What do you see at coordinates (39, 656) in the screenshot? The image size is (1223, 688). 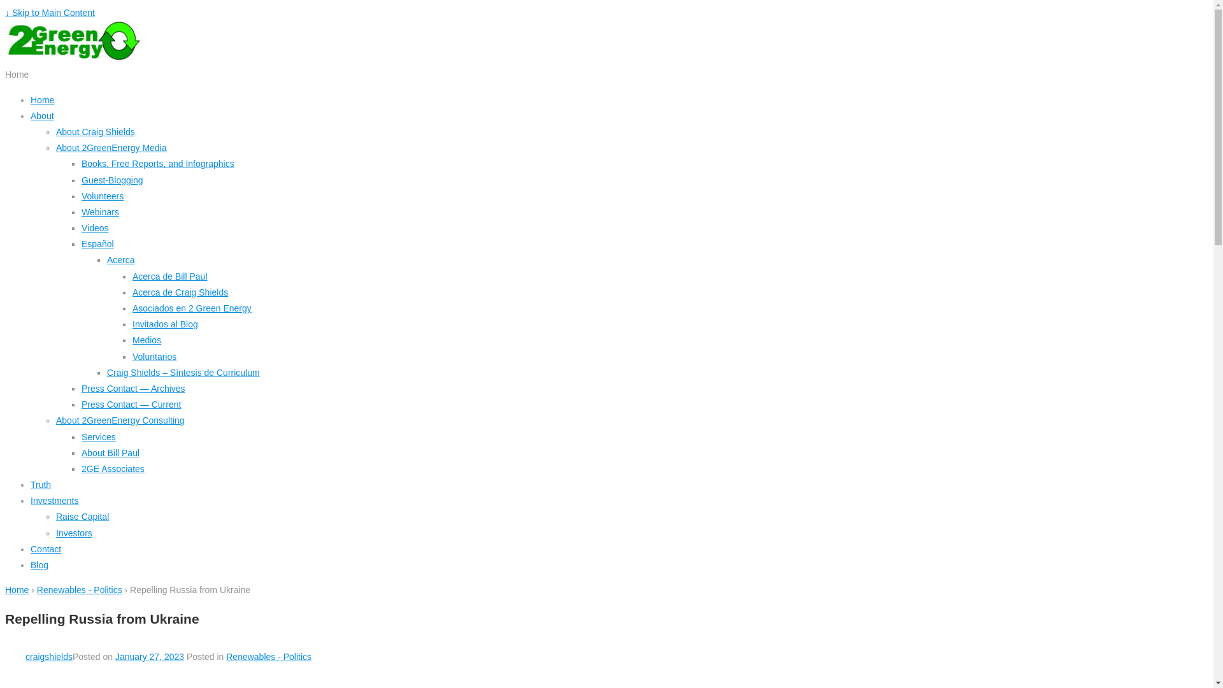 I see `'craigshields'` at bounding box center [39, 656].